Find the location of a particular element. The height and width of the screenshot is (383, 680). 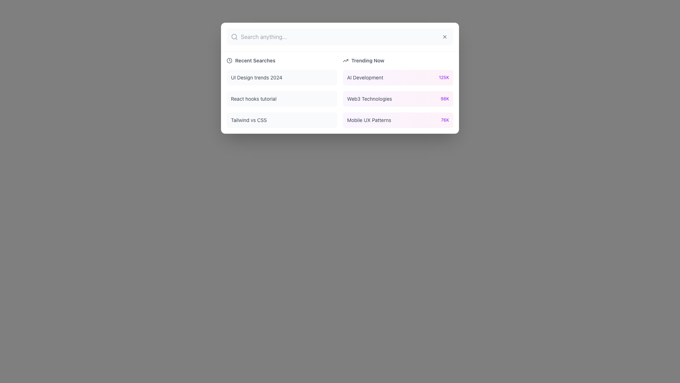

the circular icon button with an 'X' symbol at the top-right corner of the search input bar to observe the hover effect is located at coordinates (444, 37).